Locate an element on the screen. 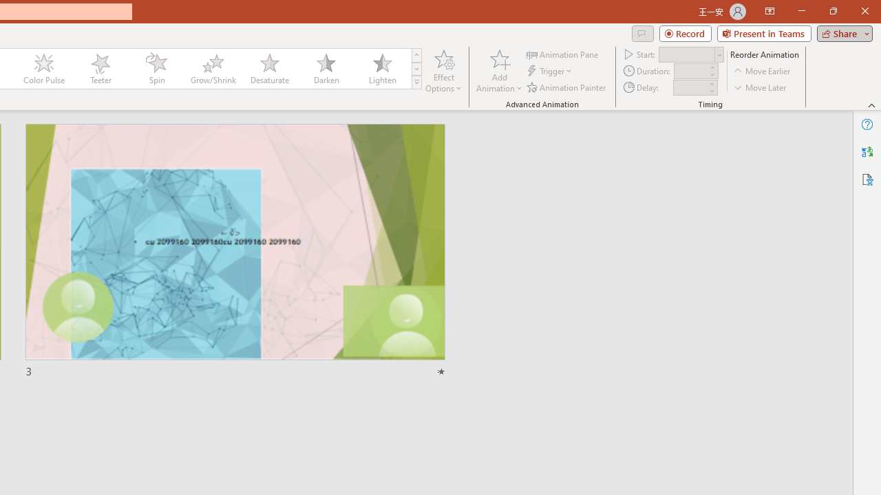  'Move Later' is located at coordinates (760, 87).